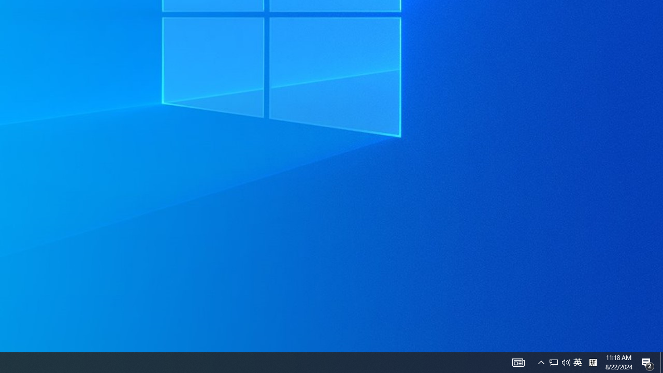 This screenshot has height=373, width=663. What do you see at coordinates (566, 362) in the screenshot?
I see `'Q2790: 100%'` at bounding box center [566, 362].